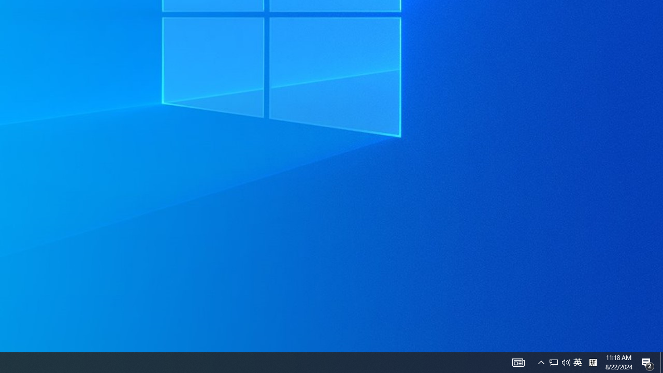 This screenshot has height=373, width=663. What do you see at coordinates (566, 362) in the screenshot?
I see `'Q2790: 100%'` at bounding box center [566, 362].